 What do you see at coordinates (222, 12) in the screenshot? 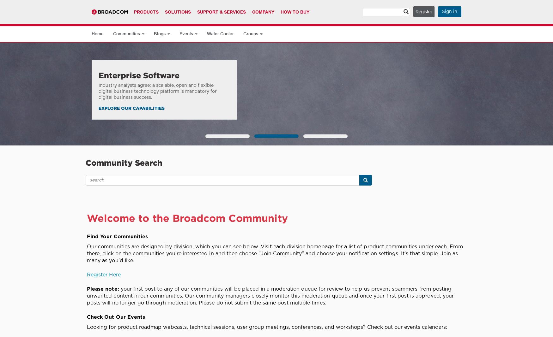
I see `'Support & Services'` at bounding box center [222, 12].